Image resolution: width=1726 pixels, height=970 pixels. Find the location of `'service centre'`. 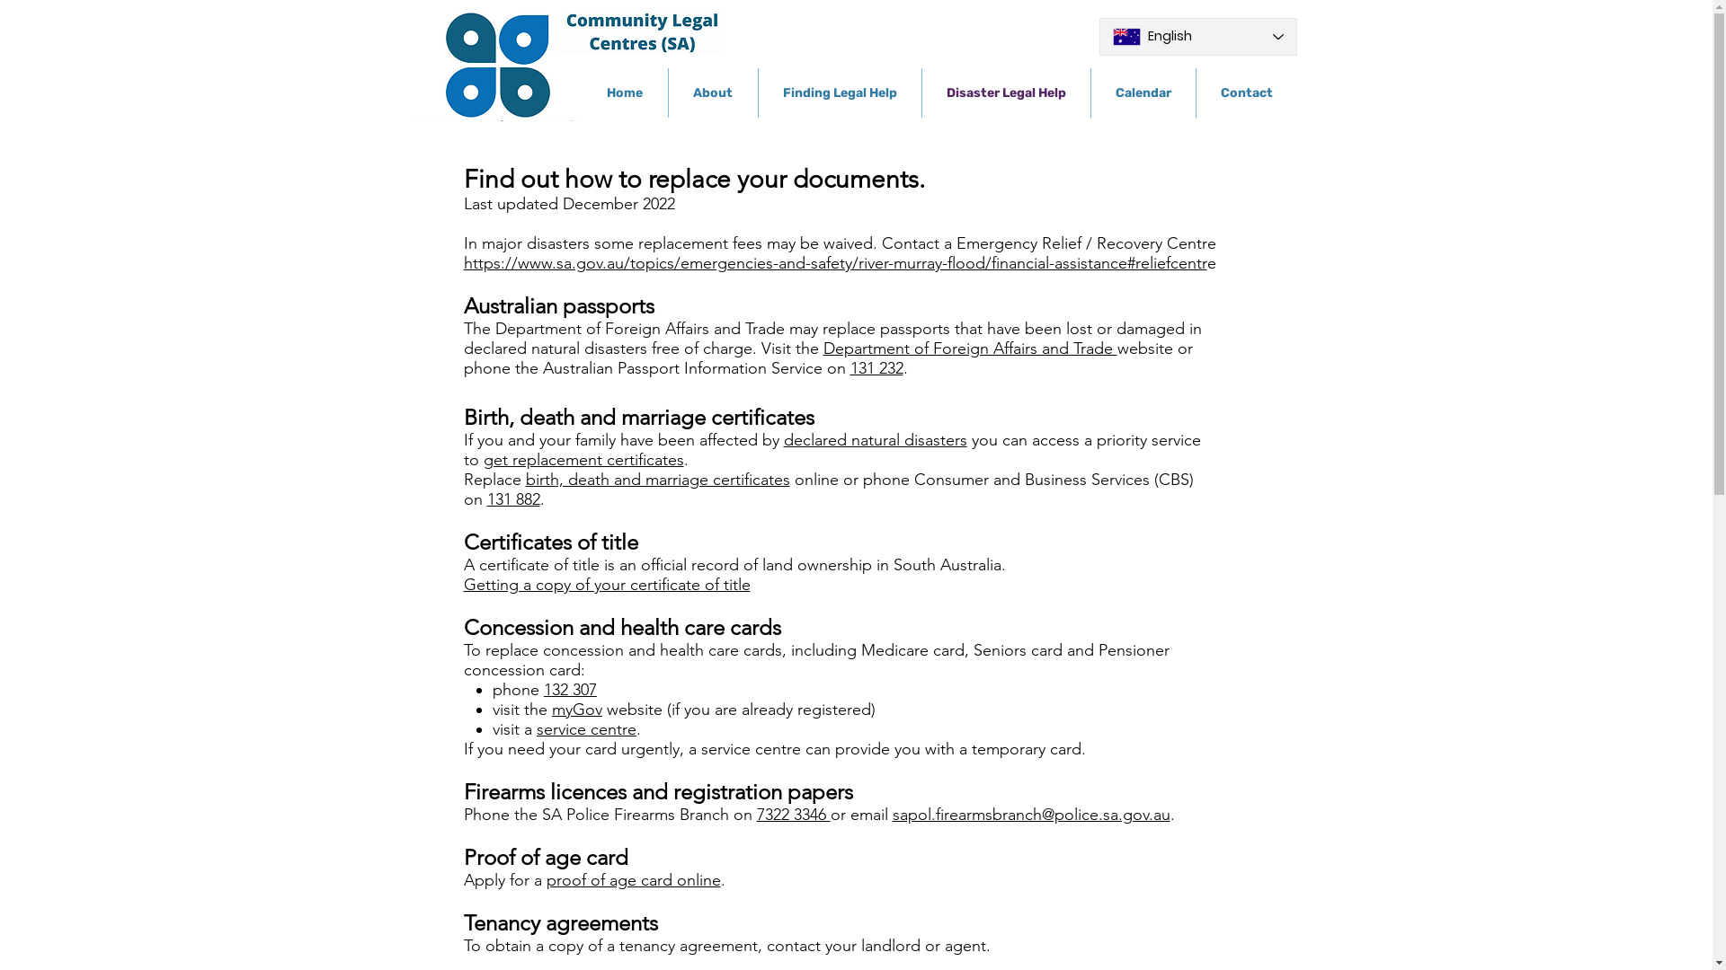

'service centre' is located at coordinates (586, 729).